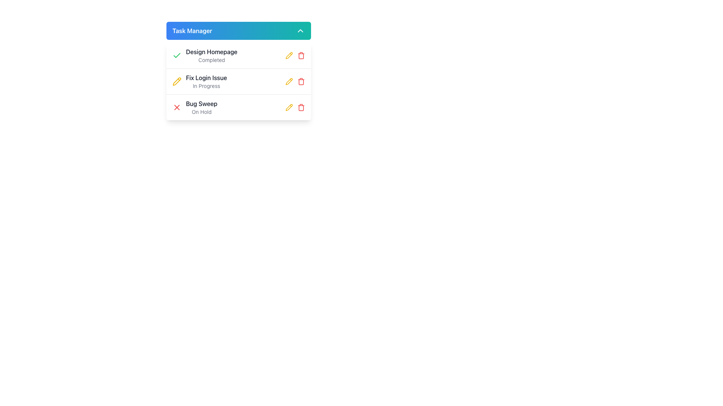 Image resolution: width=723 pixels, height=406 pixels. What do you see at coordinates (211, 59) in the screenshot?
I see `text label reading 'Completed' which is styled in a small gray font and located directly beneath the larger text 'Design Homepage' in the task management interface` at bounding box center [211, 59].